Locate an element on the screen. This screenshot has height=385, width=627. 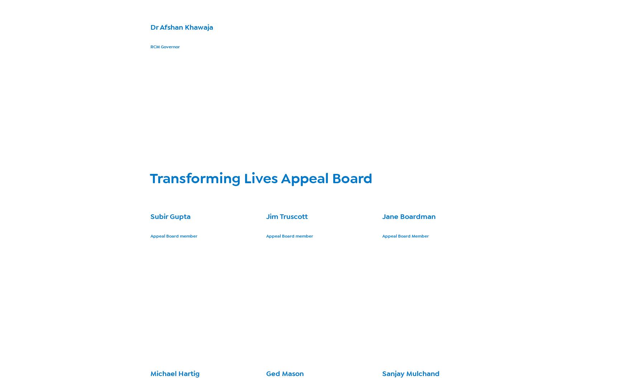
'Subir Gupta' is located at coordinates (171, 216).